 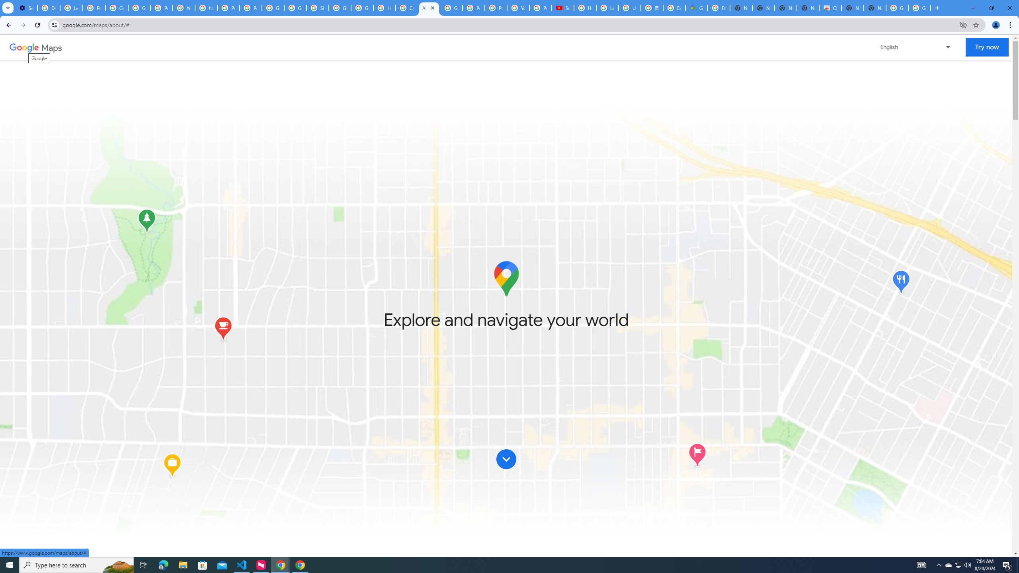 I want to click on 'Try now', so click(x=986, y=47).